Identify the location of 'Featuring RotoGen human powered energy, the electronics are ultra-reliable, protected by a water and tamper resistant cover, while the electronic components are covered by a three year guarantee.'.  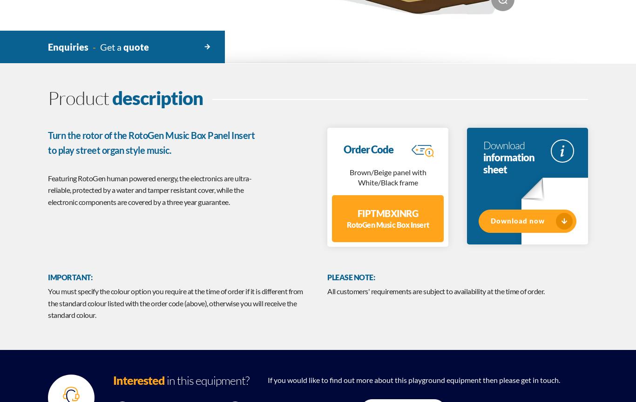
(47, 190).